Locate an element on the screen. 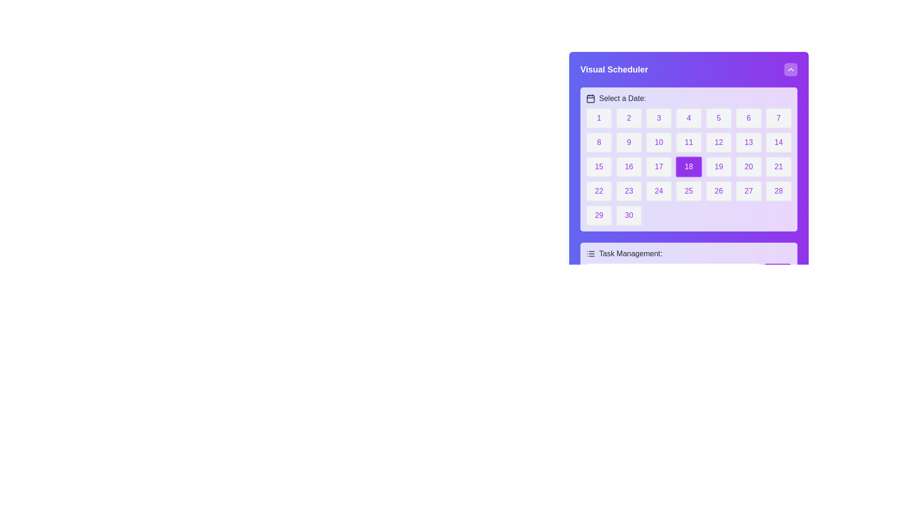 The width and height of the screenshot is (898, 505). text content of the label displaying 'Task Management:' located at the bottom of the purple-colored visual scheduler interface, adjacent to a list icon is located at coordinates (630, 254).